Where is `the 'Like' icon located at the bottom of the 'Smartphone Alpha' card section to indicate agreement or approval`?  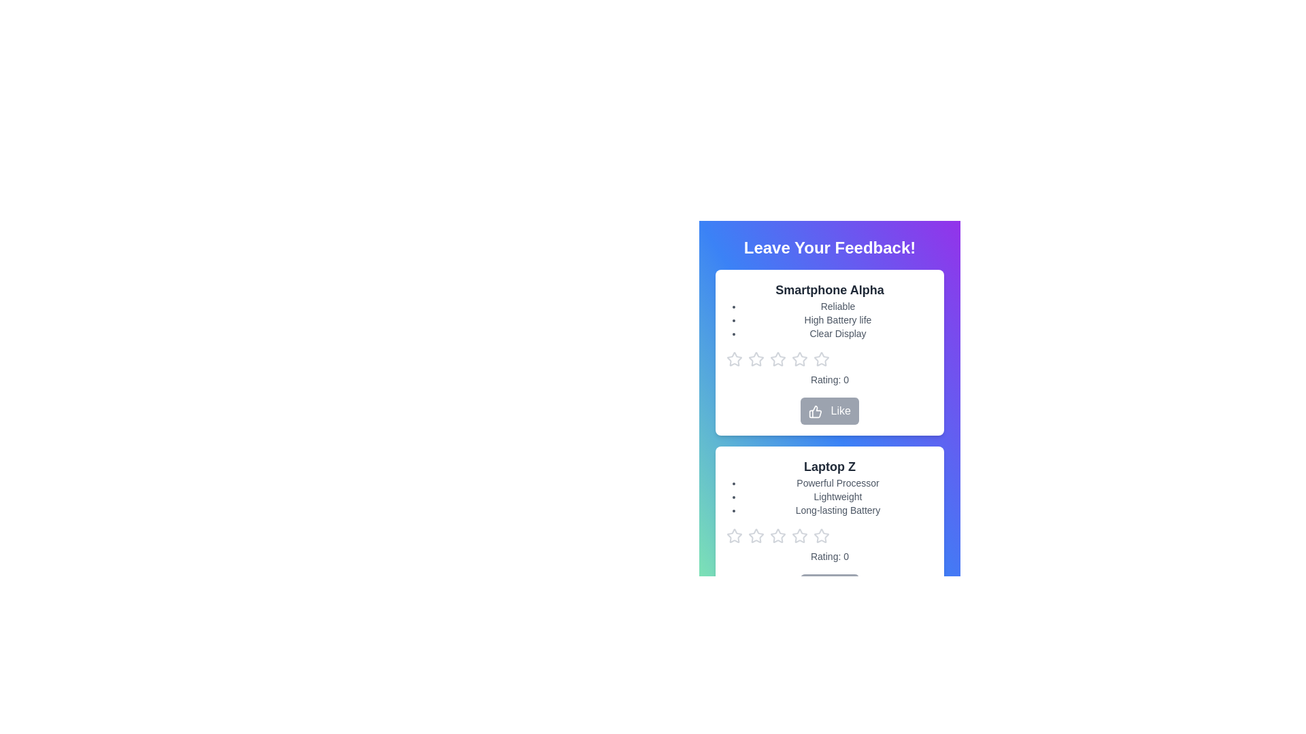
the 'Like' icon located at the bottom of the 'Smartphone Alpha' card section to indicate agreement or approval is located at coordinates (816, 410).